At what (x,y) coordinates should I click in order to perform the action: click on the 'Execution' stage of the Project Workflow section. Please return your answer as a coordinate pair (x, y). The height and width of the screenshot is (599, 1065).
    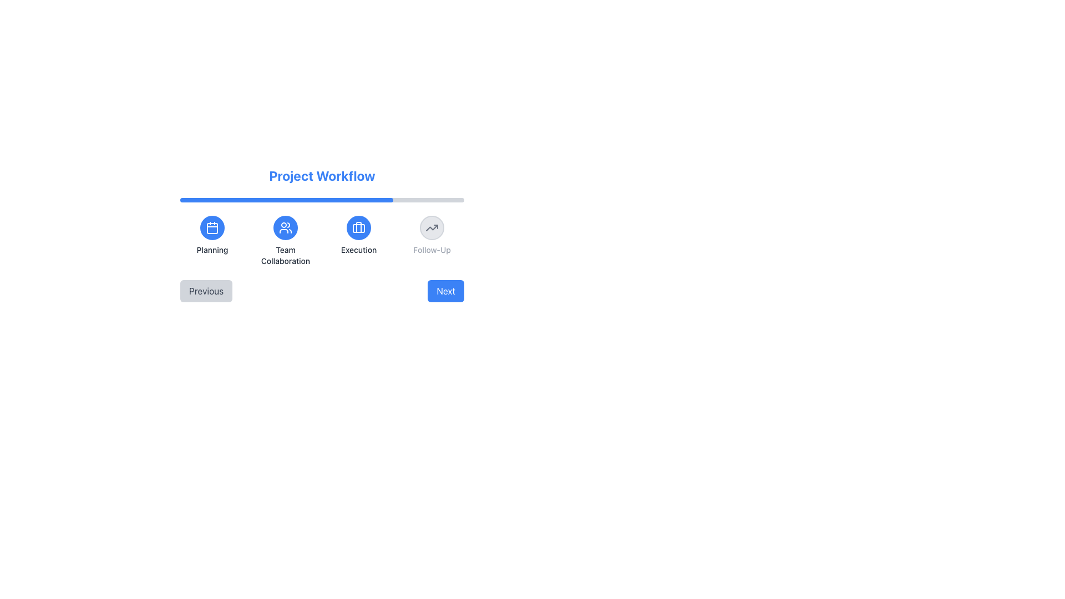
    Looking at the image, I should click on (321, 241).